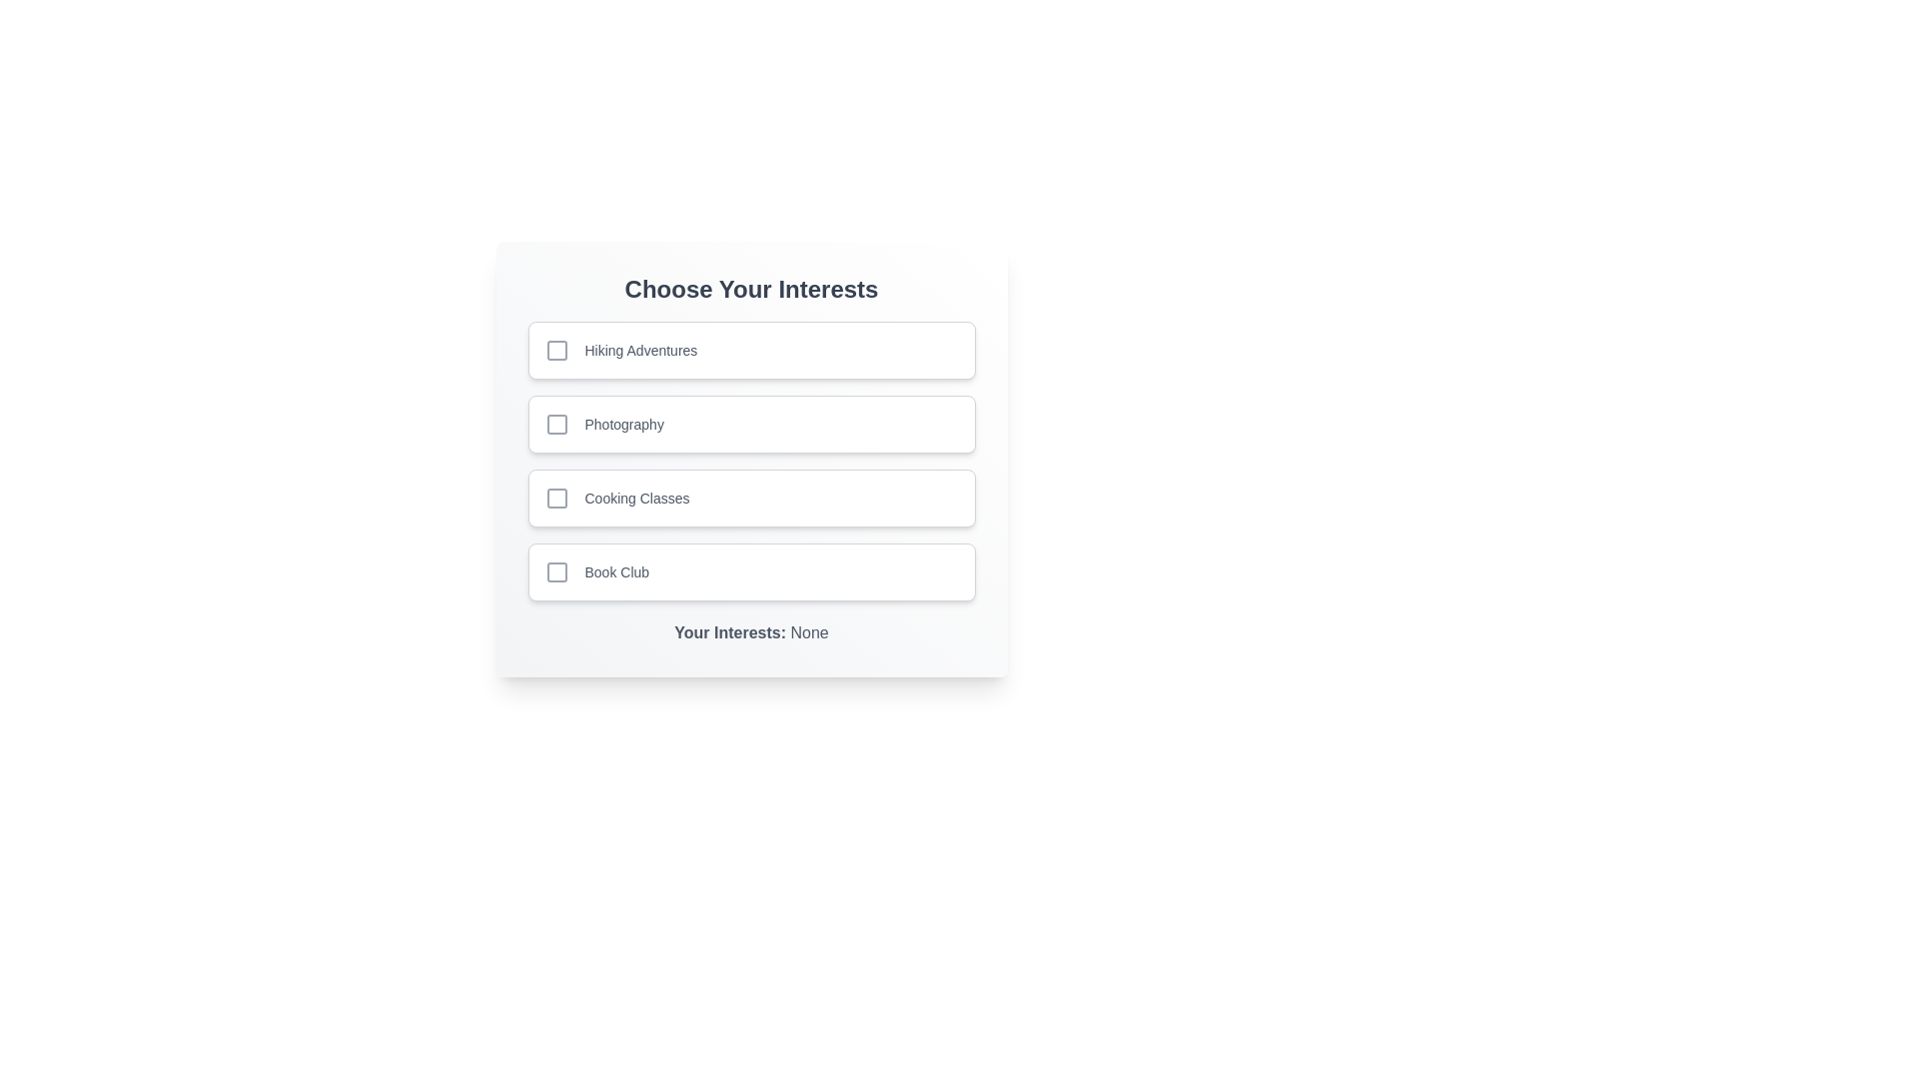 Image resolution: width=1918 pixels, height=1079 pixels. Describe the element at coordinates (556, 423) in the screenshot. I see `the checkbox icon located` at that location.